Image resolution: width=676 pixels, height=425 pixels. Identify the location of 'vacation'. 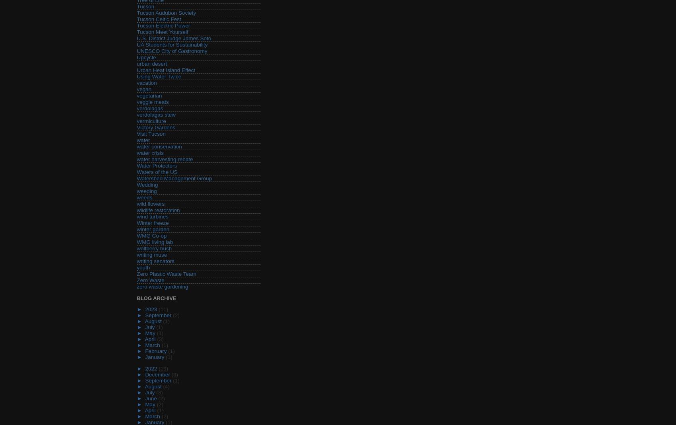
(147, 83).